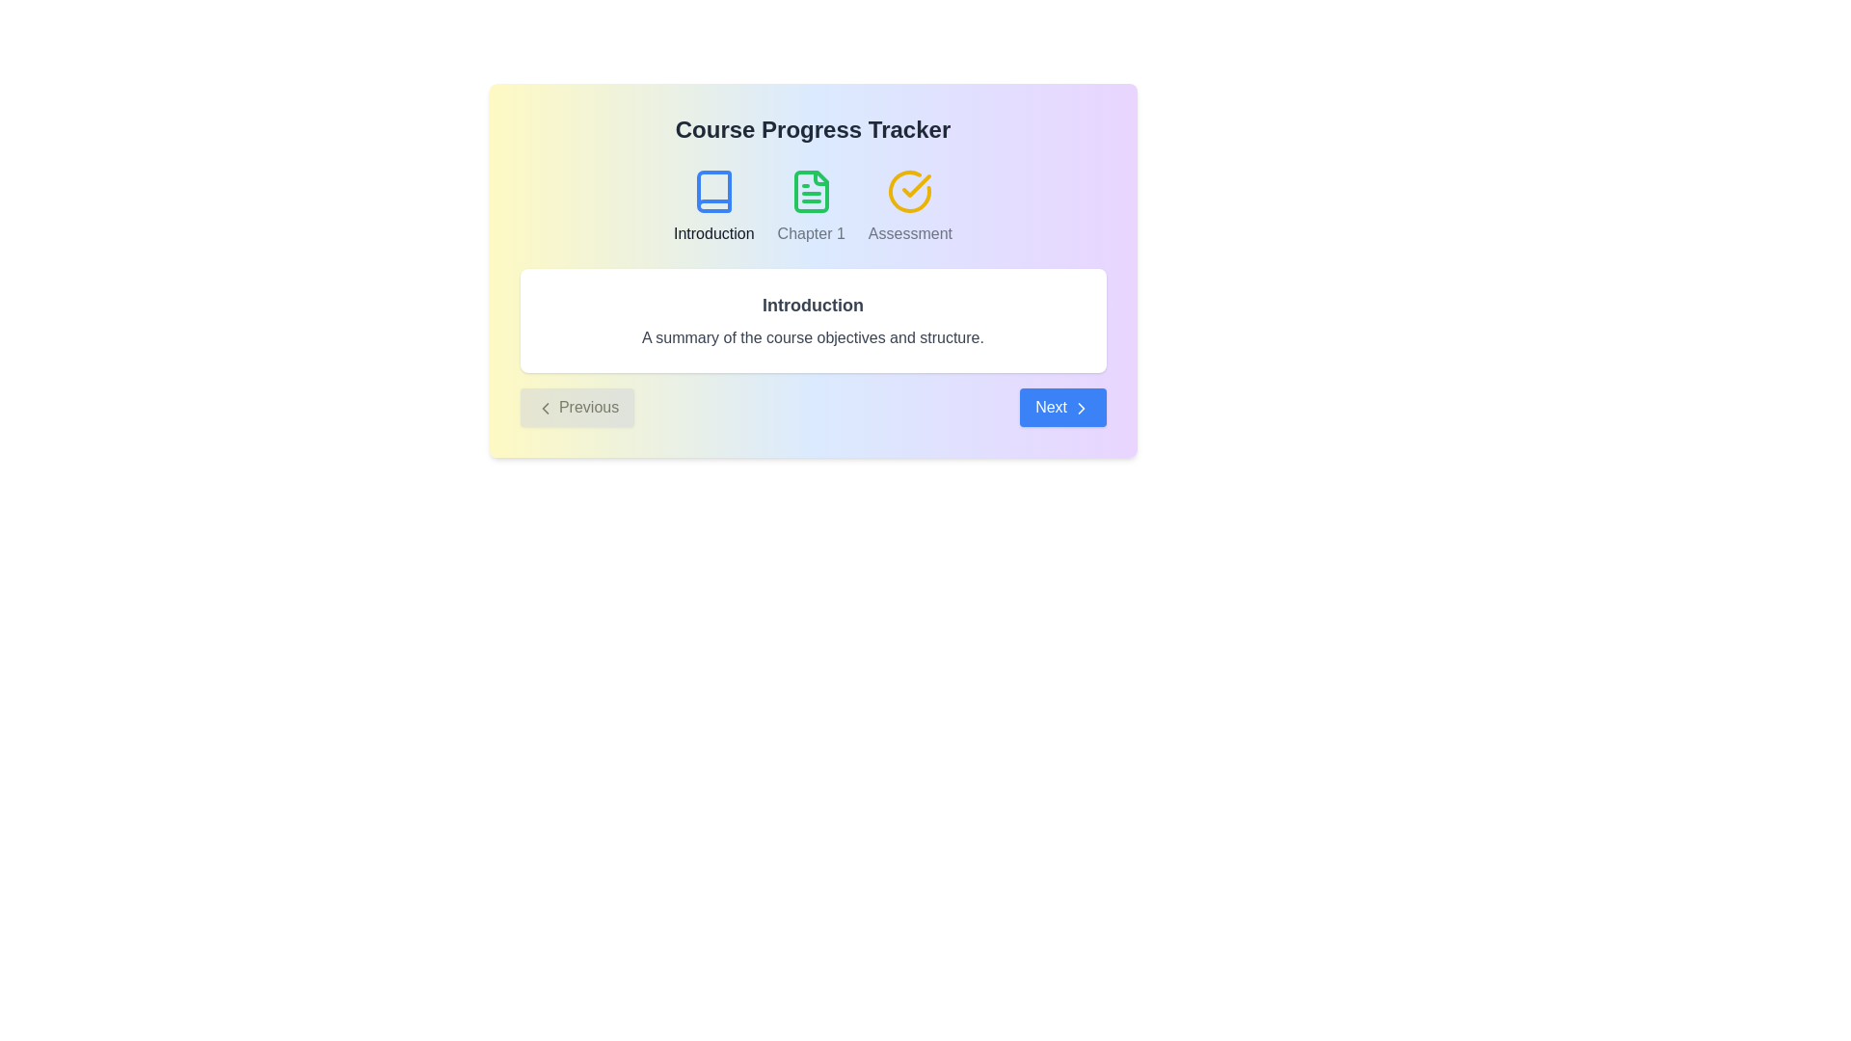 The width and height of the screenshot is (1851, 1041). What do you see at coordinates (712, 207) in the screenshot?
I see `the step labeled Introduction in the course progress stepper` at bounding box center [712, 207].